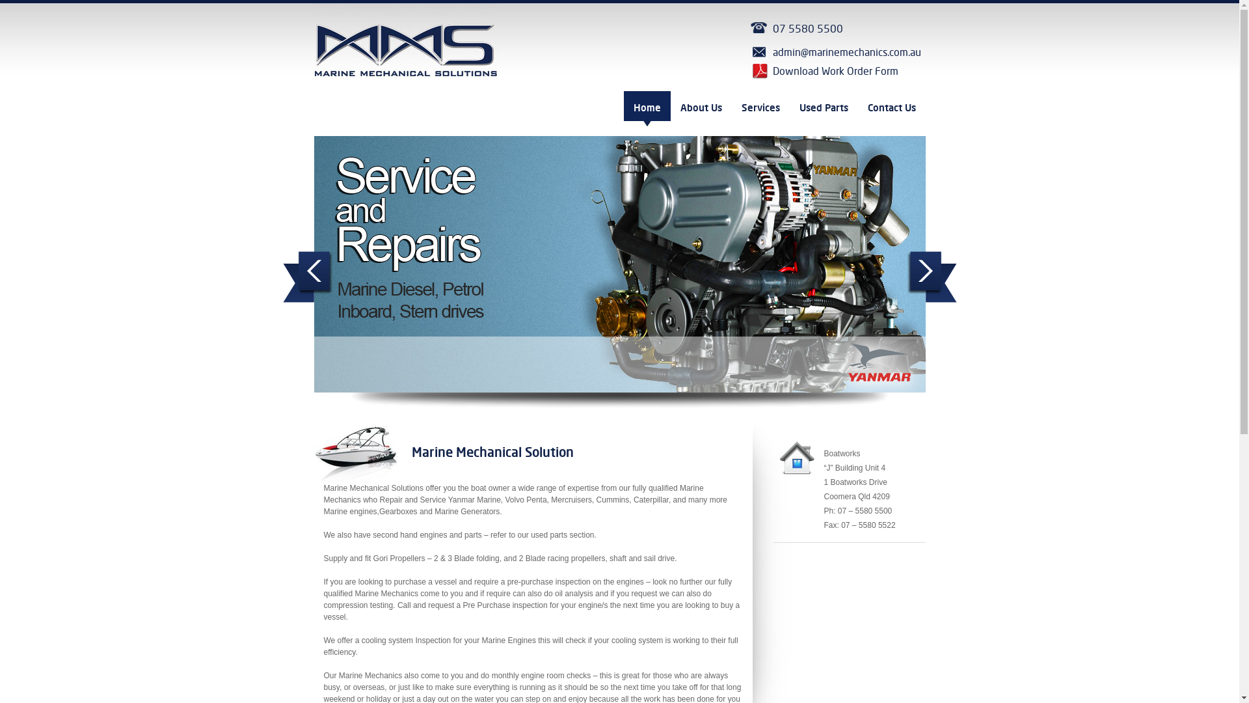 The image size is (1249, 703). I want to click on 'Services', so click(760, 107).